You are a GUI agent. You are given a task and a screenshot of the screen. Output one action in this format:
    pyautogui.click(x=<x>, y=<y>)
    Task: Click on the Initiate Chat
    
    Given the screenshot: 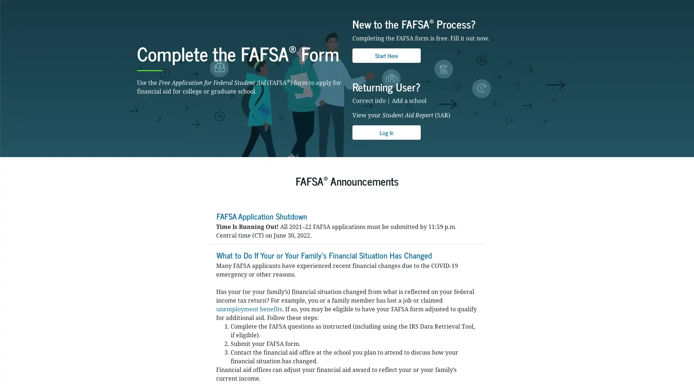 What is the action you would take?
    pyautogui.click(x=670, y=366)
    